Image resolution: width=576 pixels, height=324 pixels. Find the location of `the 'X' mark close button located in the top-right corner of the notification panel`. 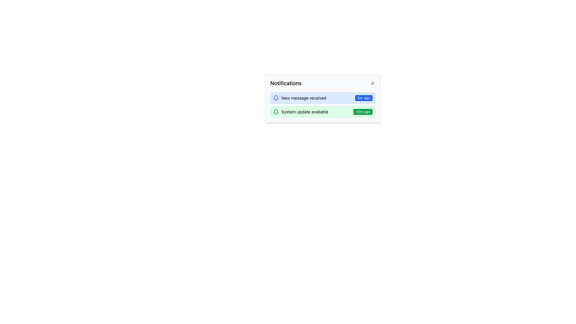

the 'X' mark close button located in the top-right corner of the notification panel is located at coordinates (372, 83).